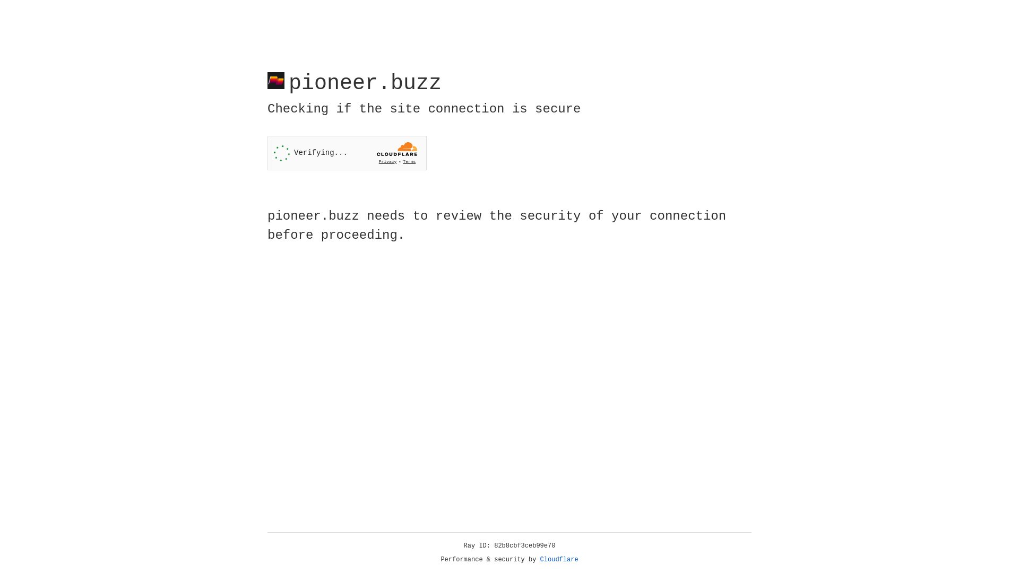 This screenshot has width=1019, height=573. Describe the element at coordinates (559, 559) in the screenshot. I see `'Cloudflare'` at that location.